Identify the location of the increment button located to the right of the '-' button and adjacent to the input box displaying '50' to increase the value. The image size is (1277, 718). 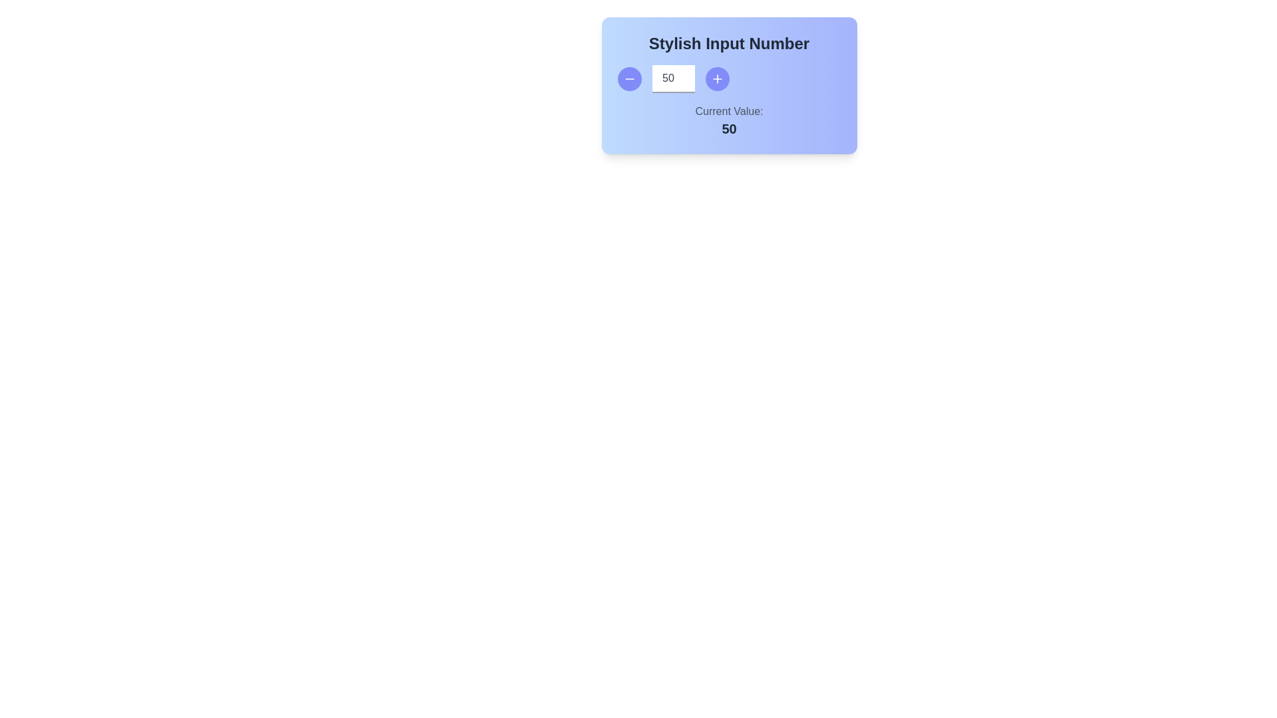
(728, 79).